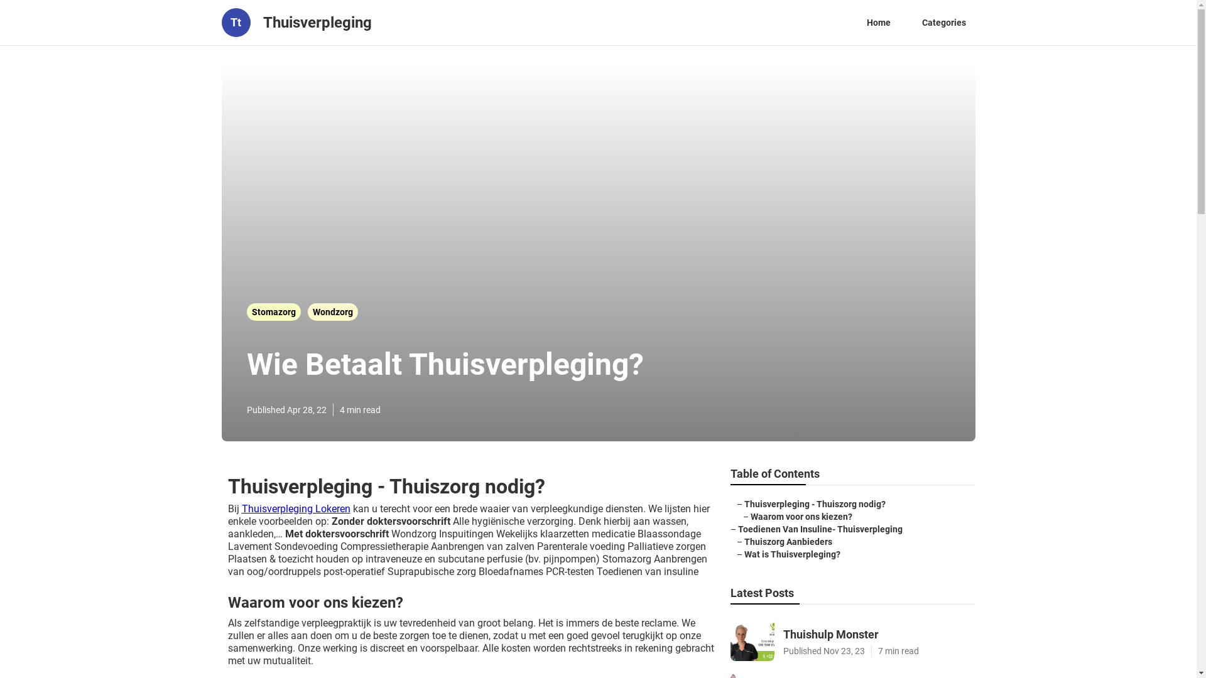  I want to click on 'Home', so click(877, 22).